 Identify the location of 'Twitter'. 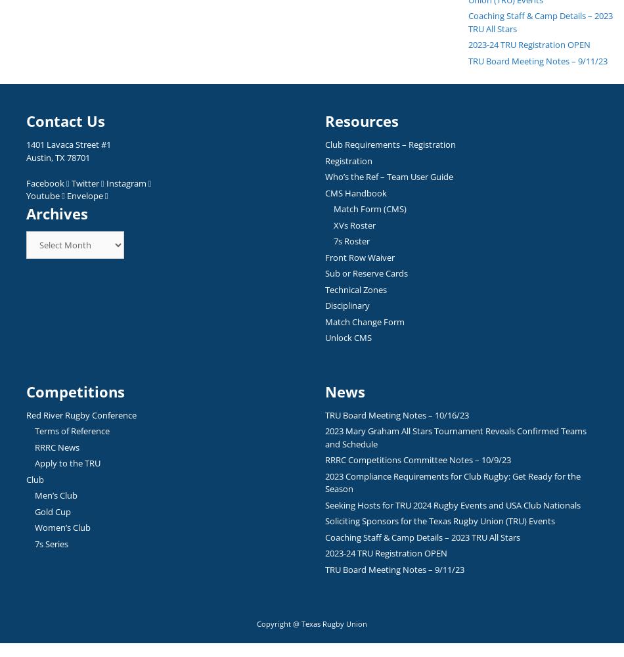
(85, 183).